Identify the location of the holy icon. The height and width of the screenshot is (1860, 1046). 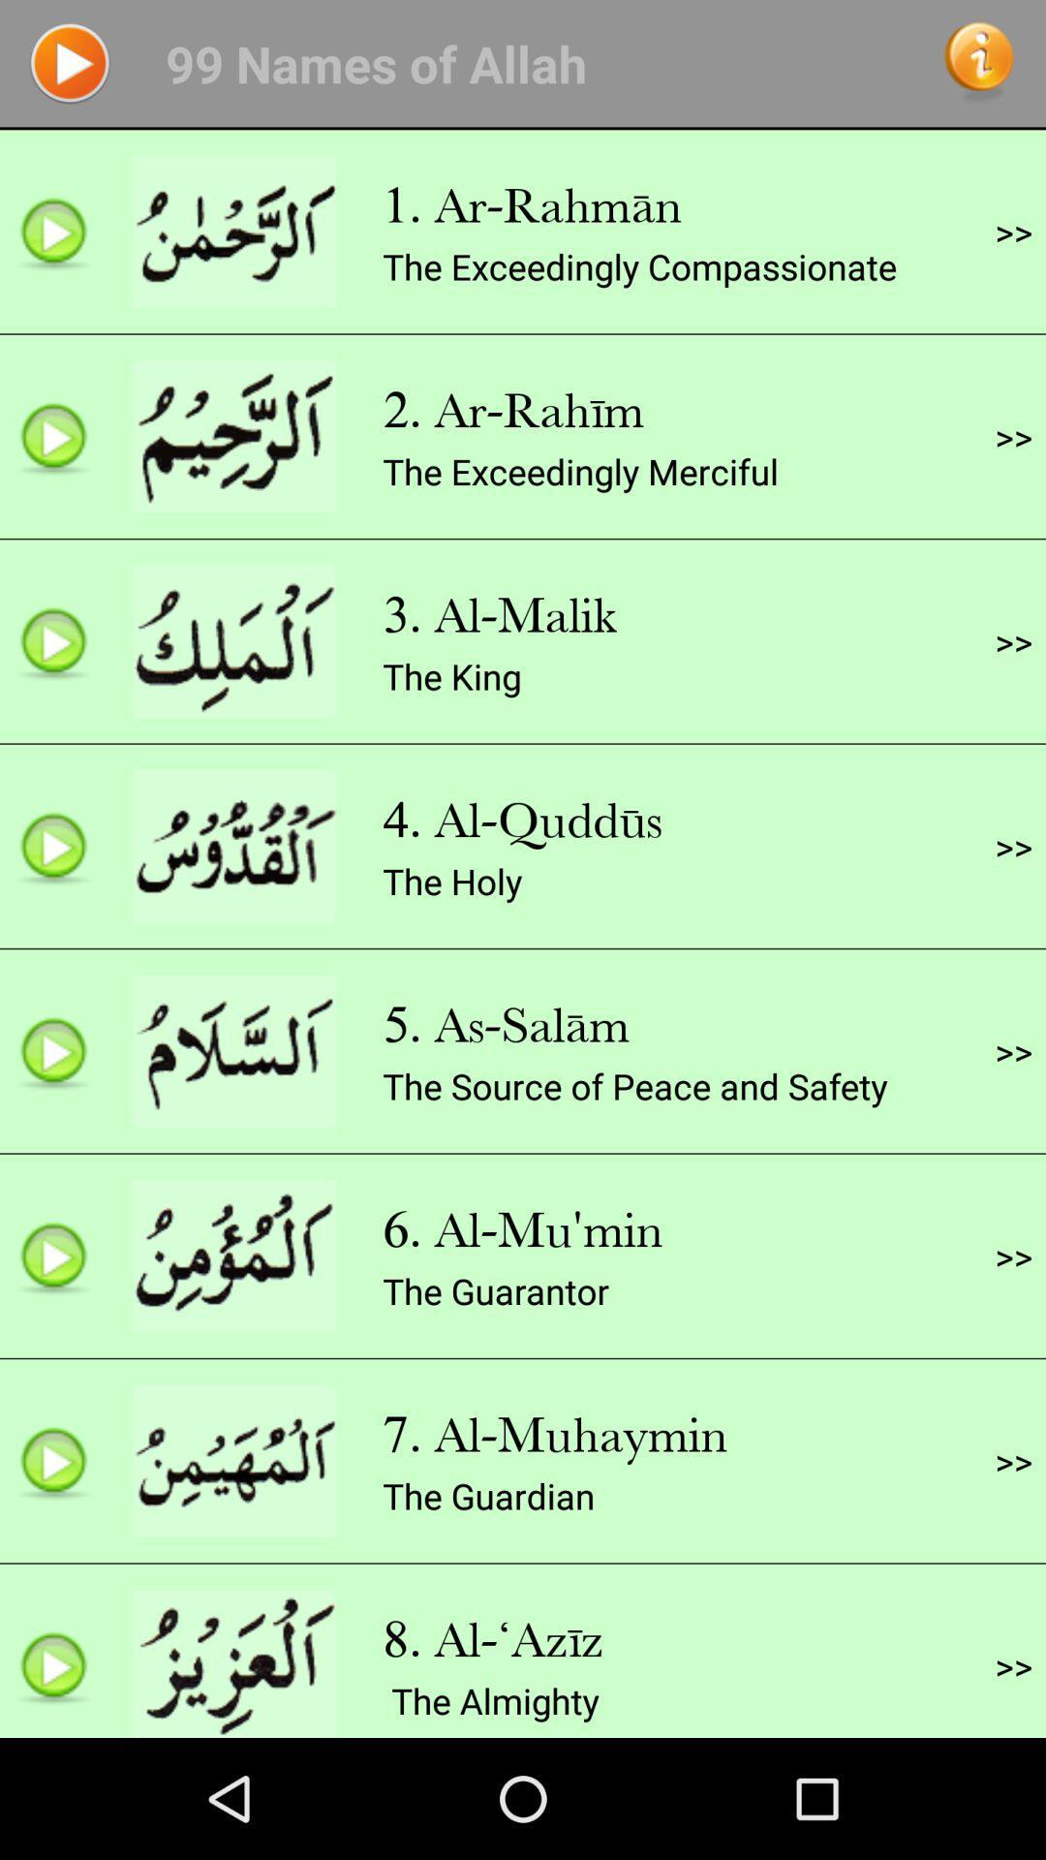
(452, 880).